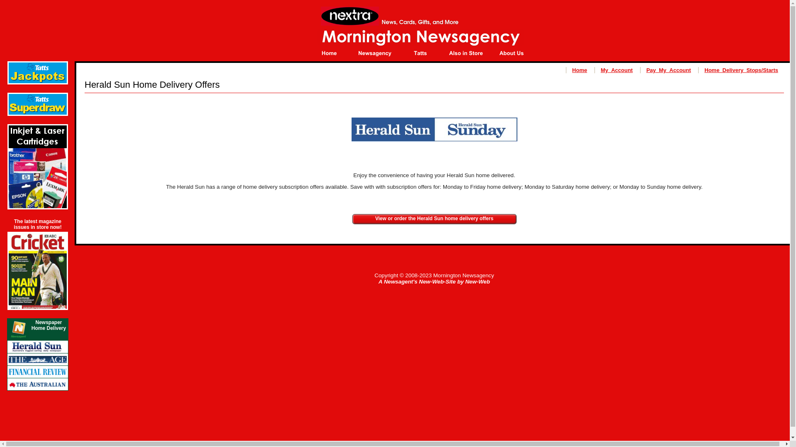  Describe the element at coordinates (616, 70) in the screenshot. I see `'My_Account'` at that location.